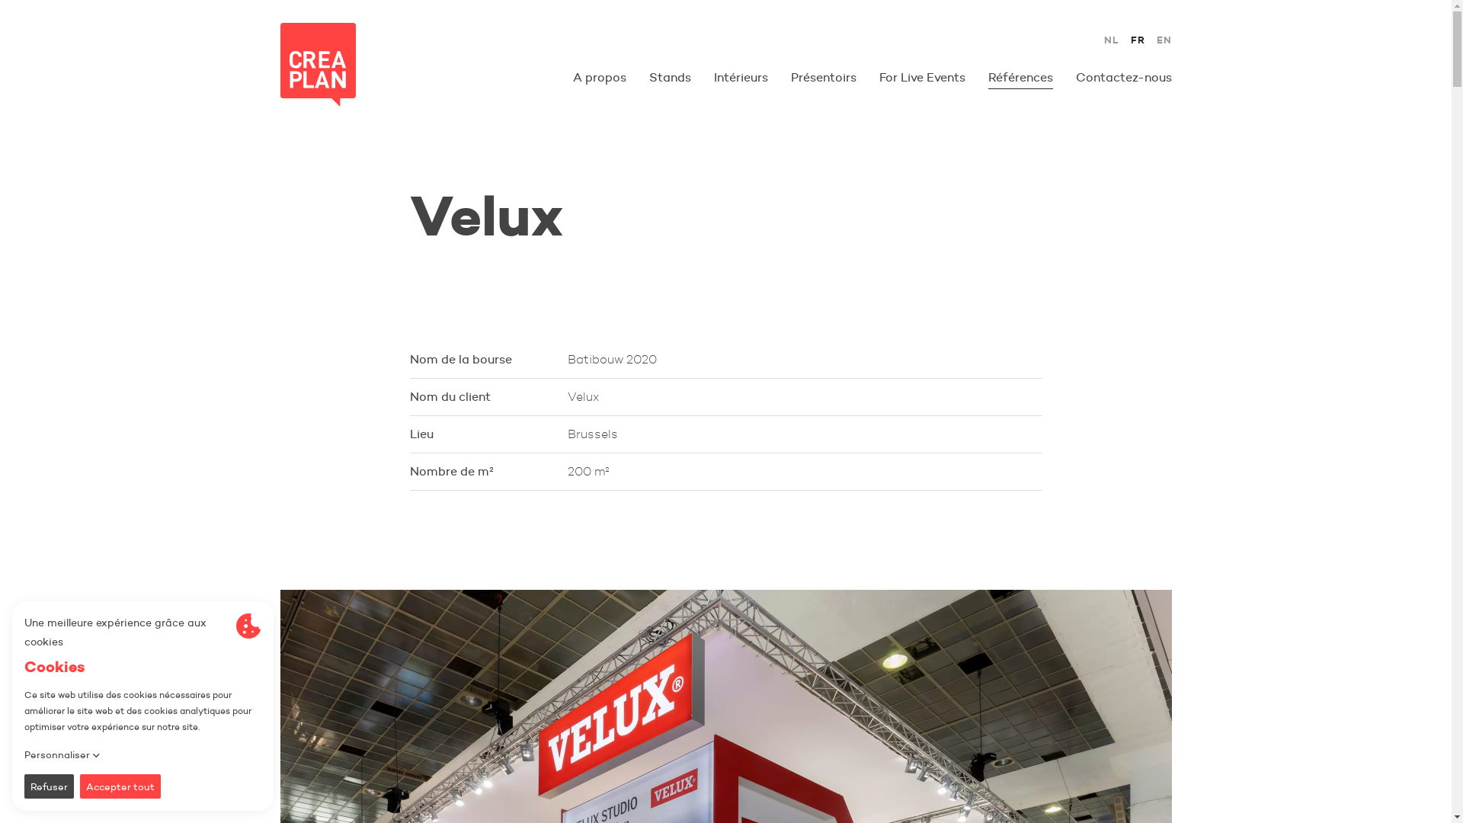 This screenshot has width=1463, height=823. What do you see at coordinates (648, 77) in the screenshot?
I see `'Stands'` at bounding box center [648, 77].